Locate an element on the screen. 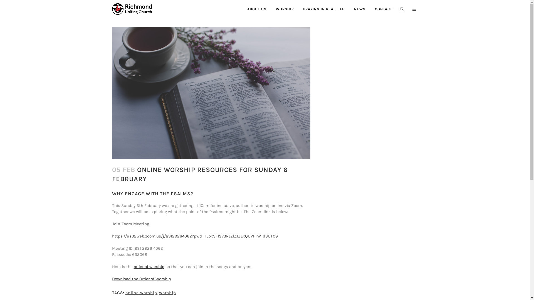 The height and width of the screenshot is (300, 534). 'worship' is located at coordinates (167, 292).